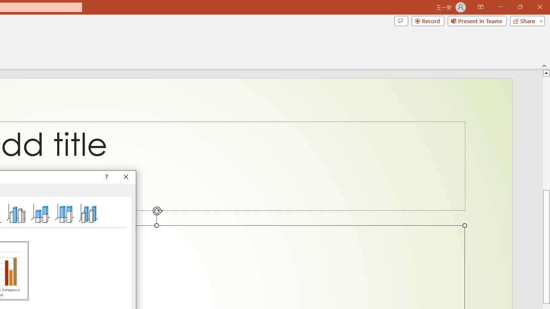 The image size is (550, 309). I want to click on 'Context help', so click(105, 176).